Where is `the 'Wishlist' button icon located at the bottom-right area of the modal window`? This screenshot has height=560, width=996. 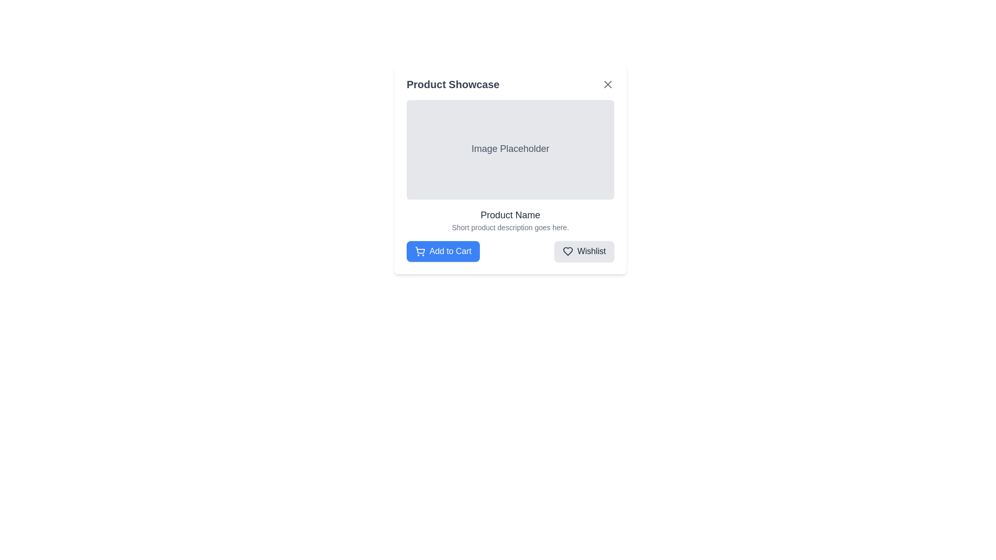
the 'Wishlist' button icon located at the bottom-right area of the modal window is located at coordinates (567, 251).